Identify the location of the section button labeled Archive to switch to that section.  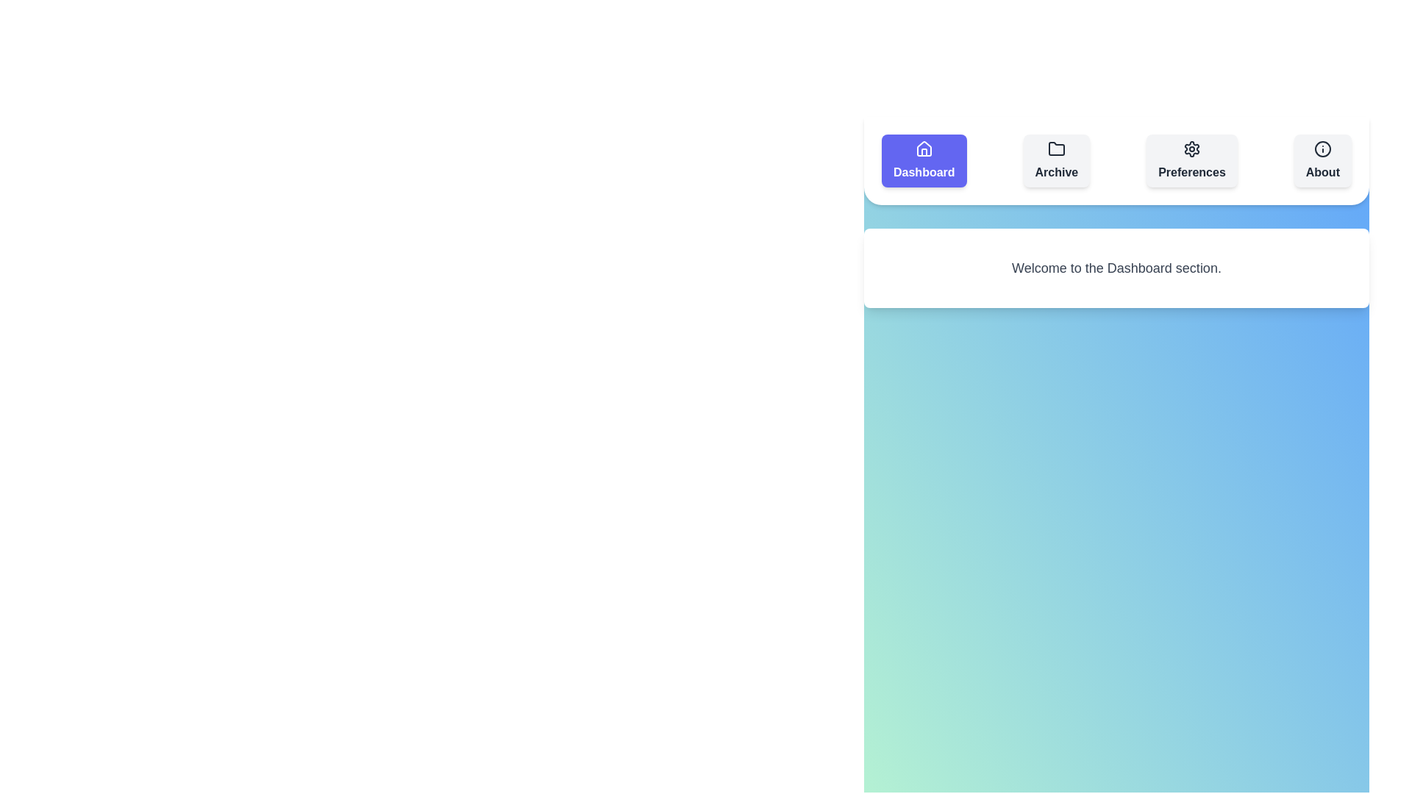
(1055, 161).